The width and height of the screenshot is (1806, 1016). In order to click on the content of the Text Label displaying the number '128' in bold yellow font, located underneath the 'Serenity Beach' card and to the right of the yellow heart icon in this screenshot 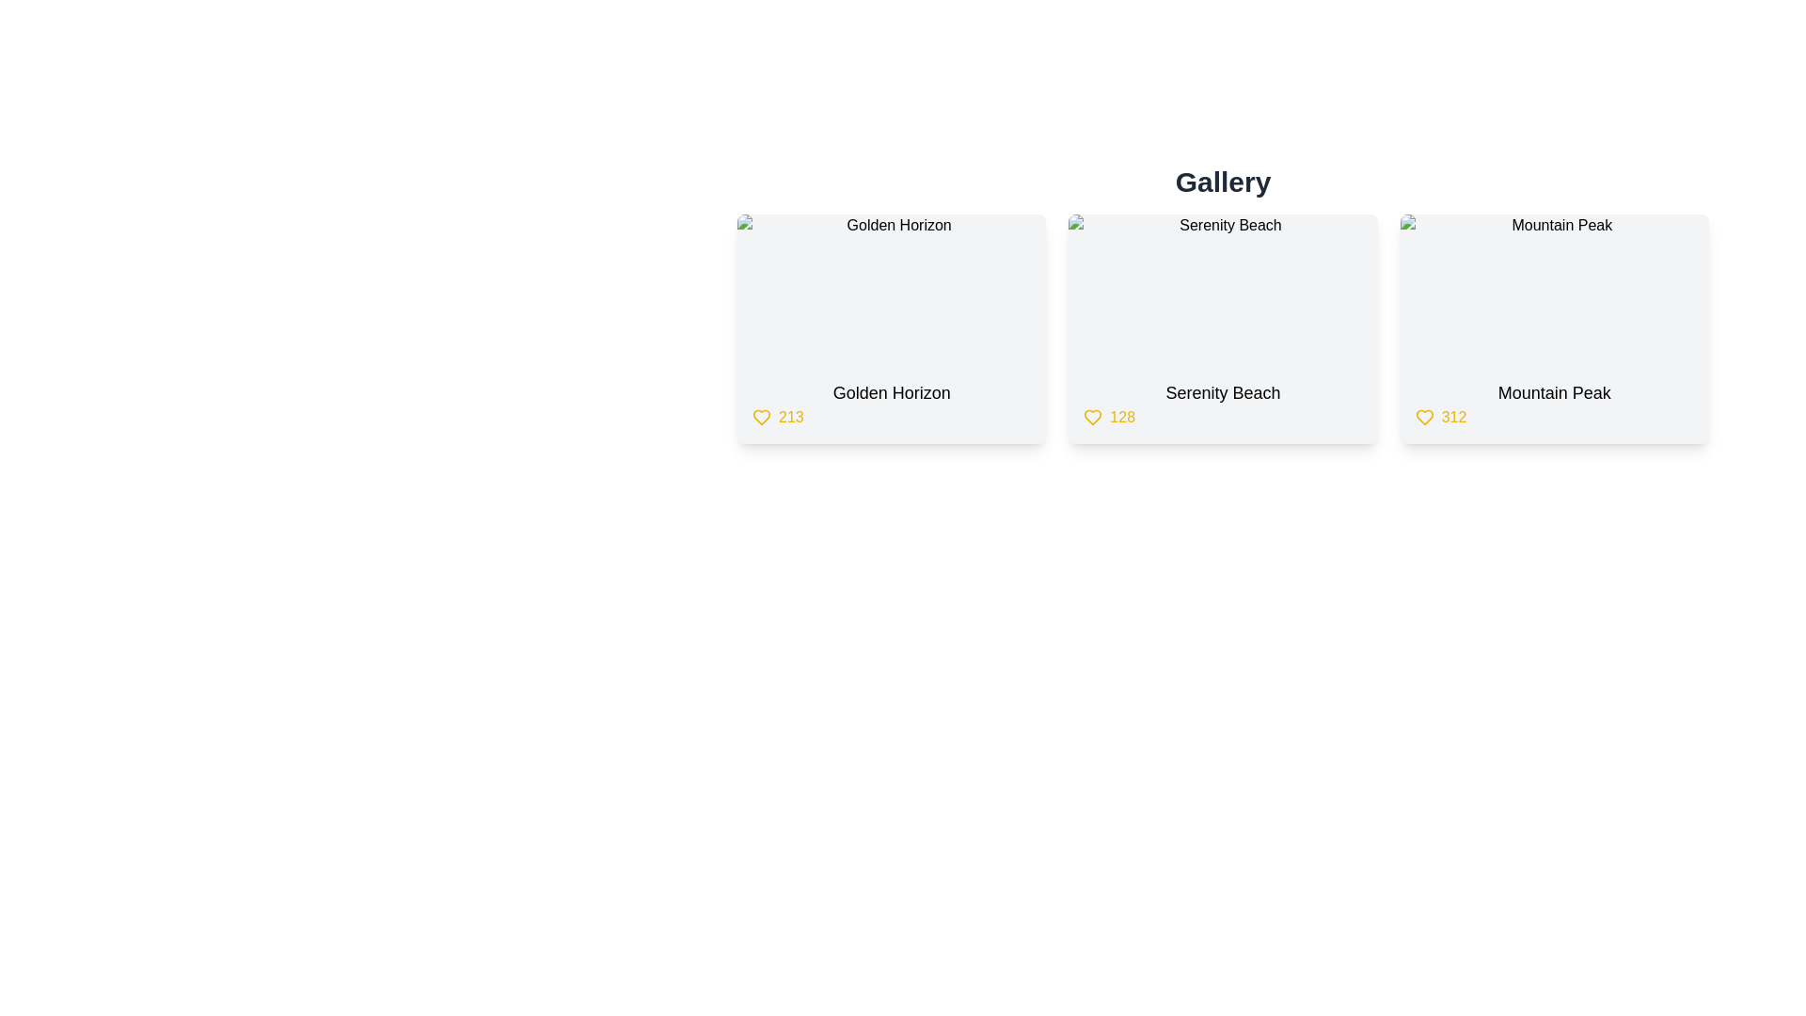, I will do `click(1122, 416)`.